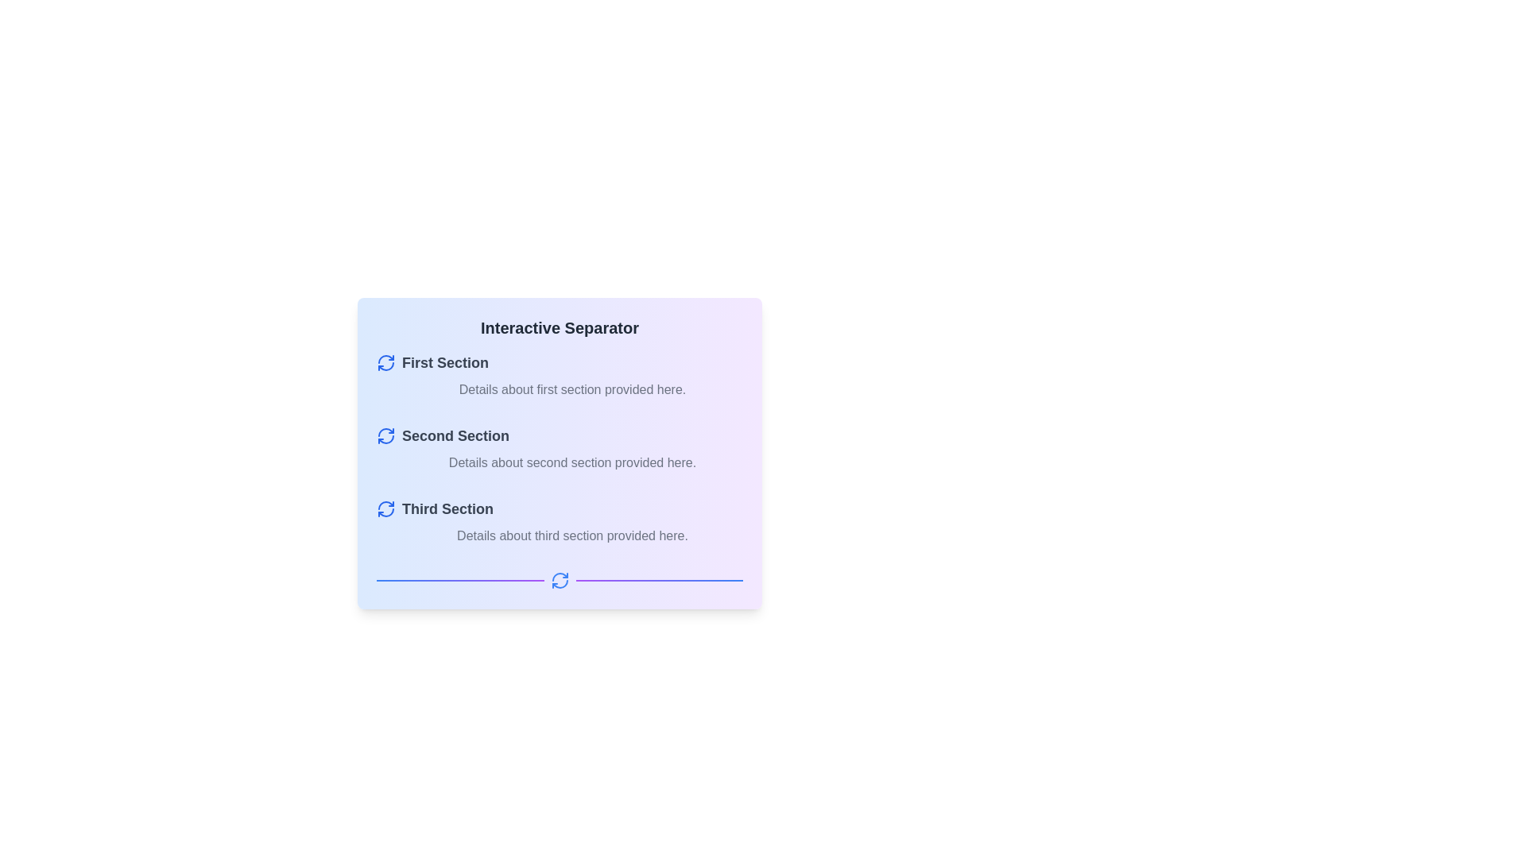 Image resolution: width=1526 pixels, height=858 pixels. What do you see at coordinates (560, 536) in the screenshot?
I see `the textual description element located below the 'Third Section' heading, which provides additional information related to that section` at bounding box center [560, 536].